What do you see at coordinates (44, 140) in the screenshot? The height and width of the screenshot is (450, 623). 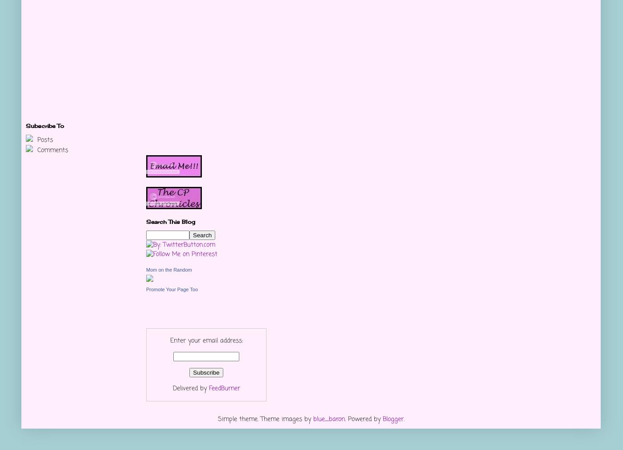 I see `'Posts'` at bounding box center [44, 140].